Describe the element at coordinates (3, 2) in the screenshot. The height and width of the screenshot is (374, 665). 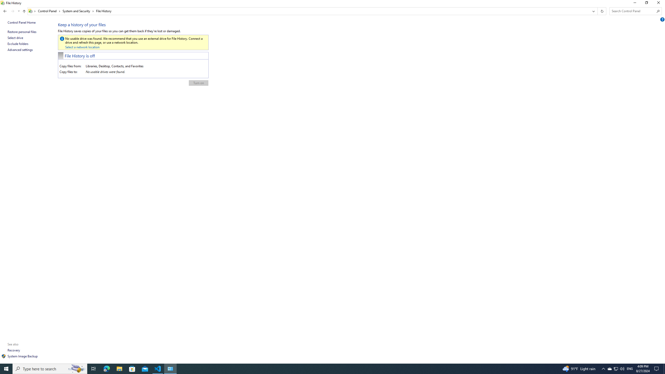
I see `'System'` at that location.